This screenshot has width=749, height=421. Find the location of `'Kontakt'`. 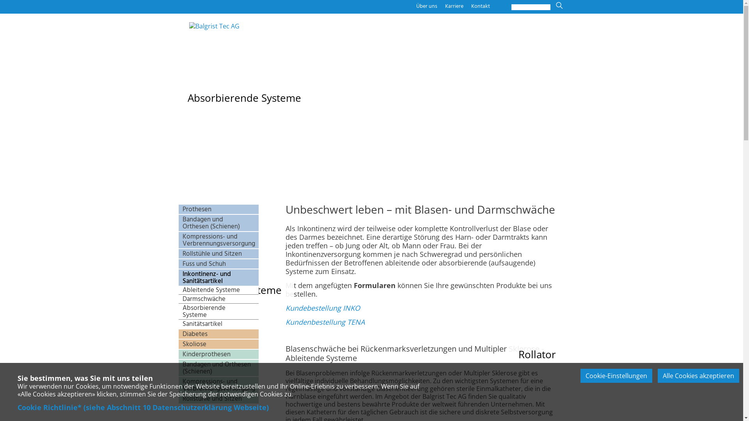

'Kontakt' is located at coordinates (480, 6).